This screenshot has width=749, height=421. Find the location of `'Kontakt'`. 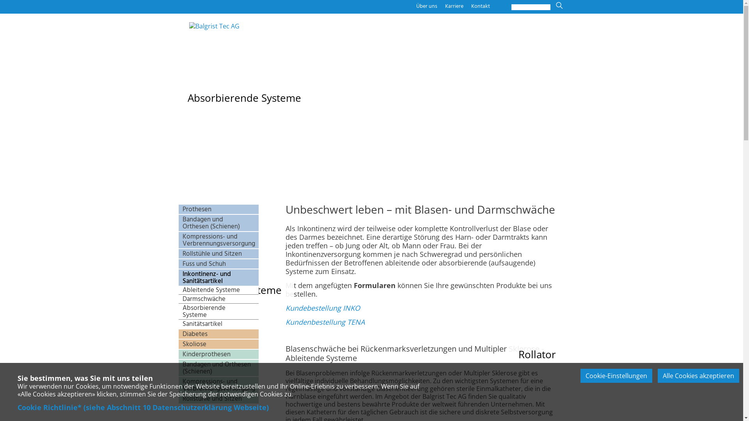

'Kontakt' is located at coordinates (480, 6).